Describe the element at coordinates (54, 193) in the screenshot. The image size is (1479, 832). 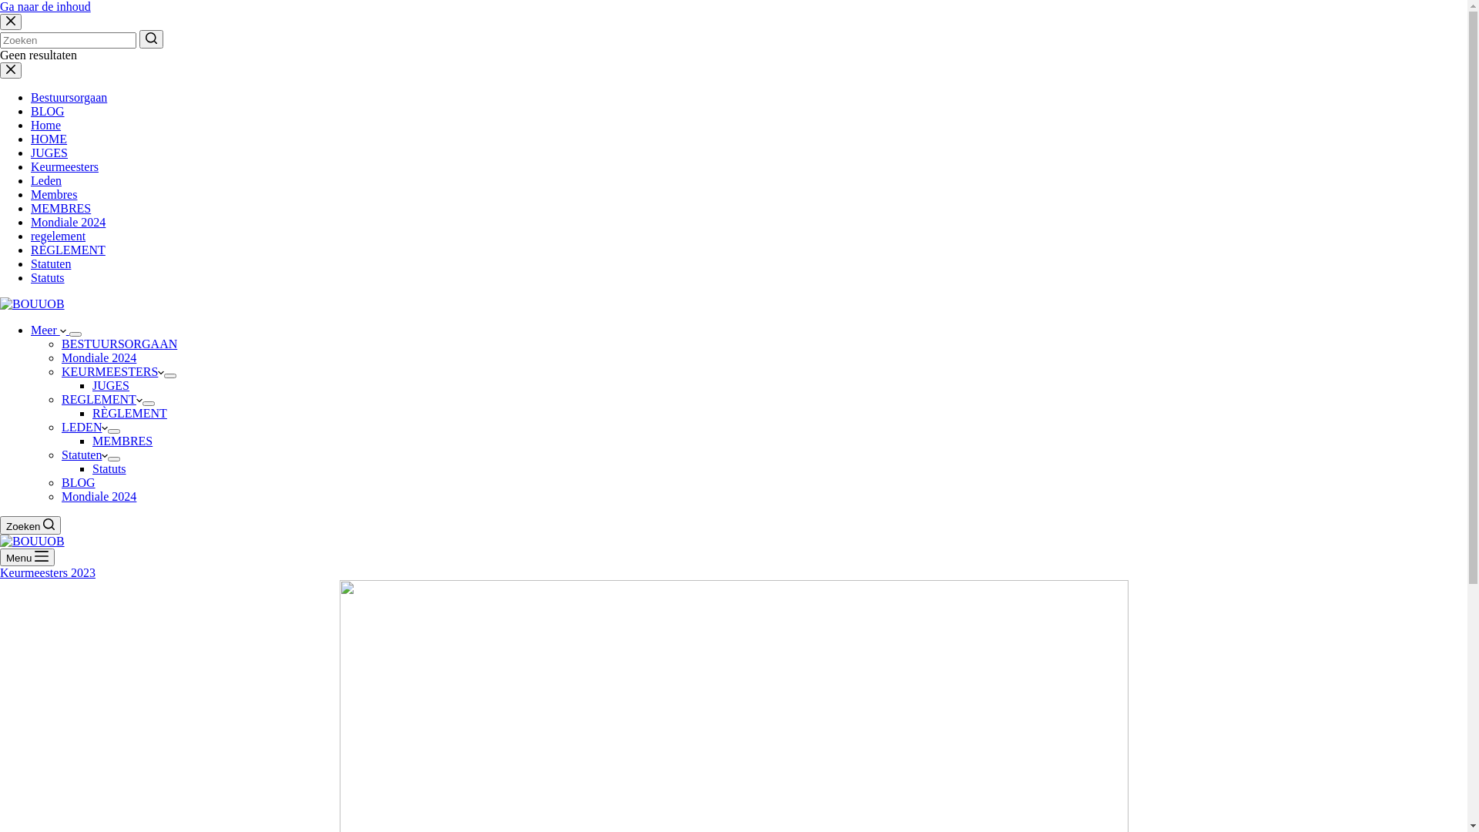
I see `'Membres'` at that location.